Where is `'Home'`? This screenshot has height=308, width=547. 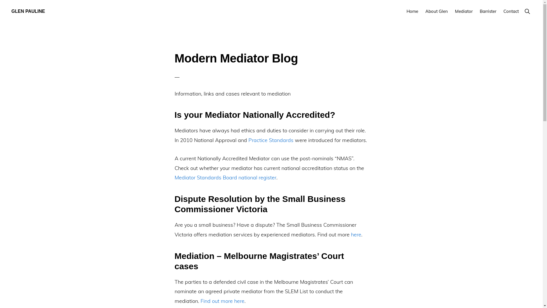 'Home' is located at coordinates (412, 11).